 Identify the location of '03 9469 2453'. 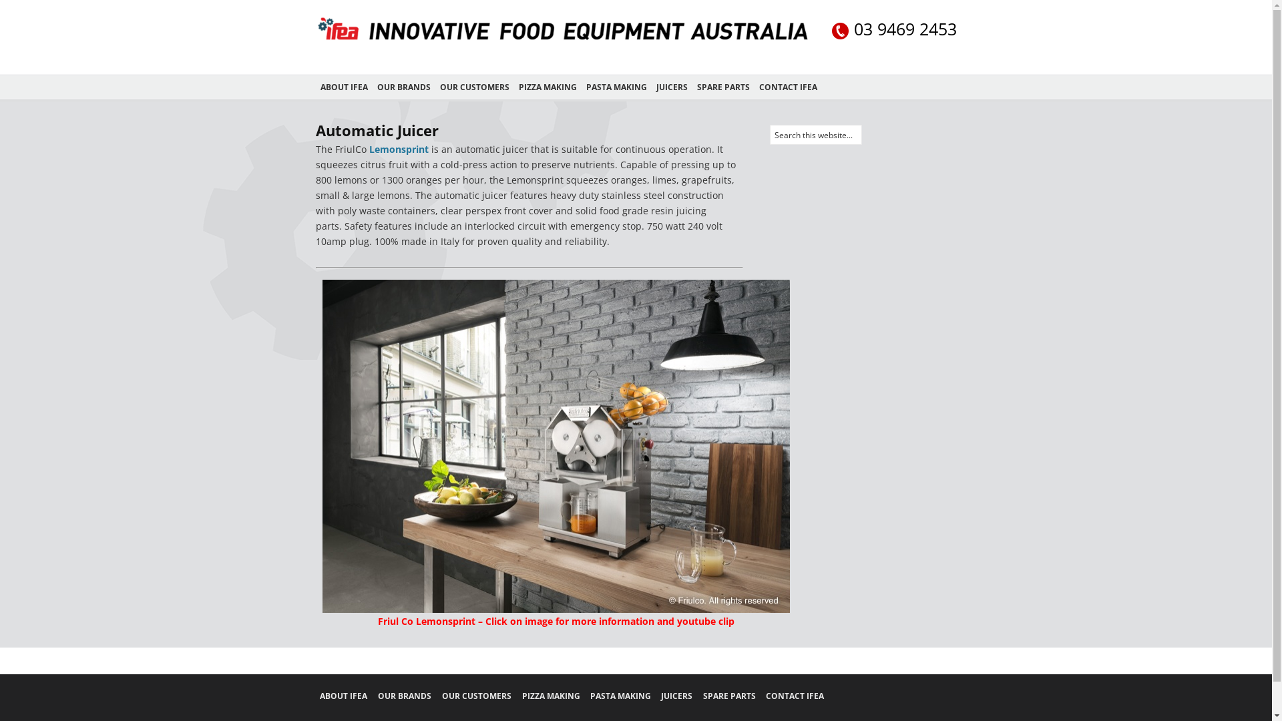
(894, 30).